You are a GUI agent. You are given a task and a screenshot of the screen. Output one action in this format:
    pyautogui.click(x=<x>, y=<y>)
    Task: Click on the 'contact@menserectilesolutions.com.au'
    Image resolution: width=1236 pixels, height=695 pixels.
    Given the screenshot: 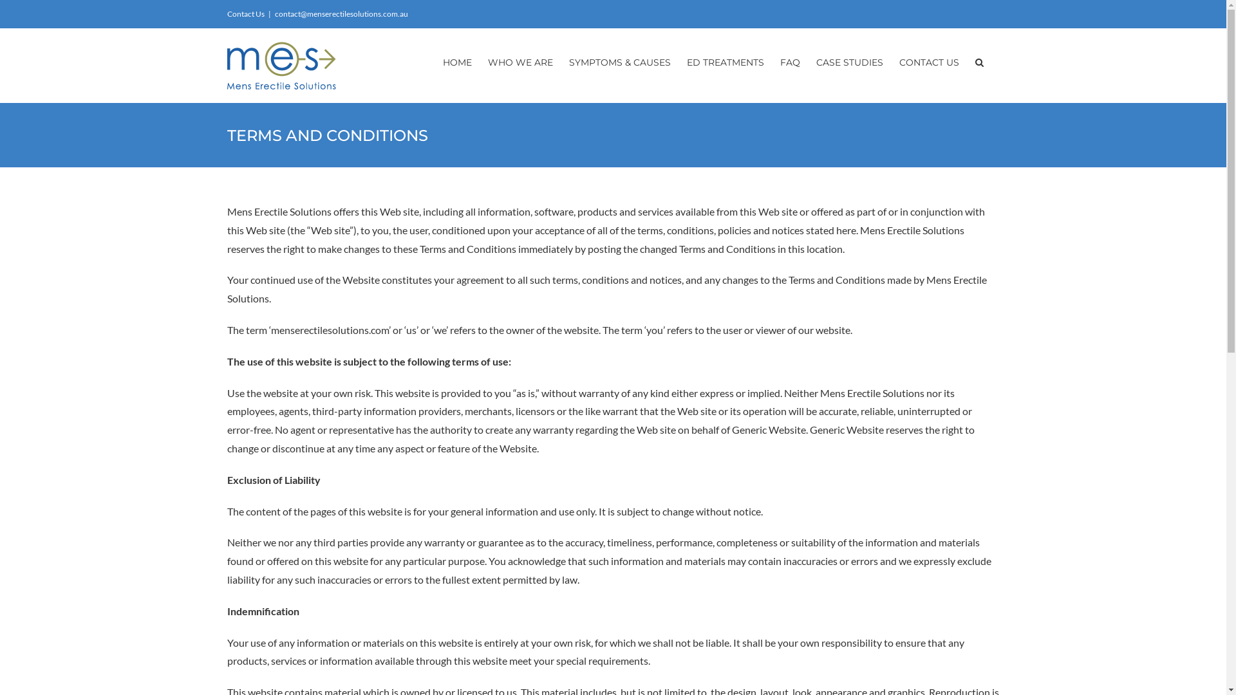 What is the action you would take?
    pyautogui.click(x=341, y=14)
    